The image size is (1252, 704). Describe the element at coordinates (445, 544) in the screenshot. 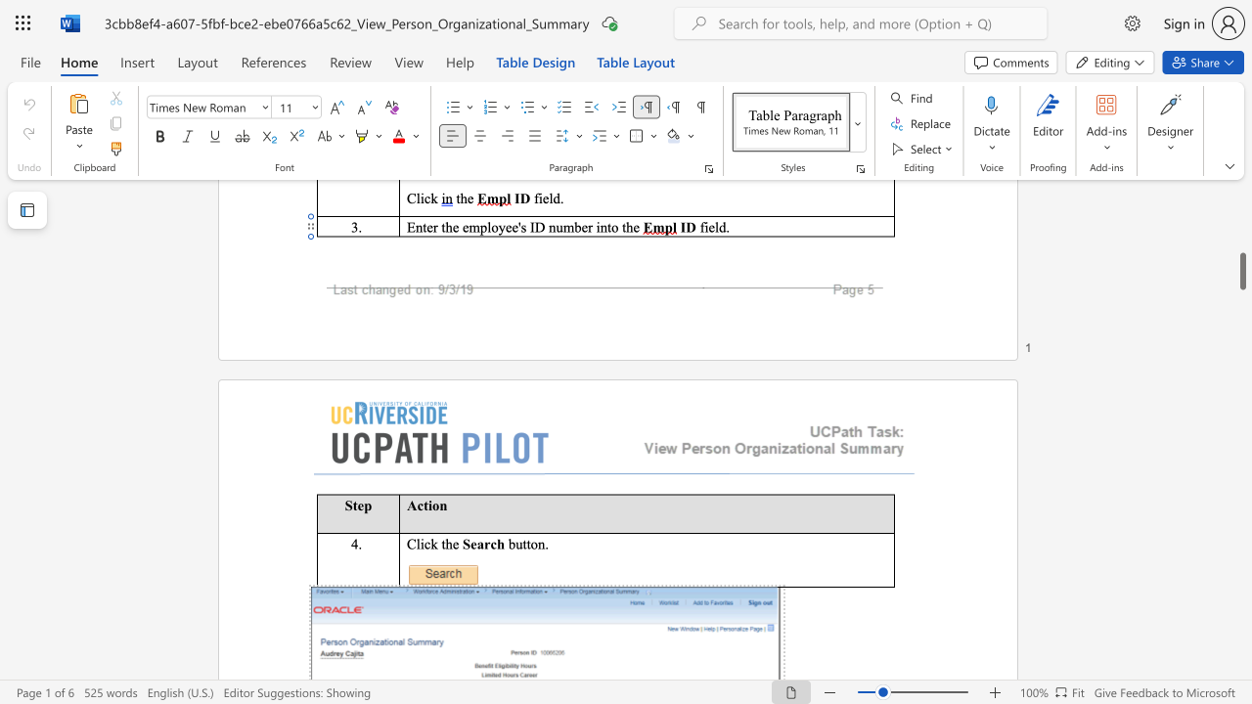

I see `the space between the continuous character "t" and "h" in the text` at that location.